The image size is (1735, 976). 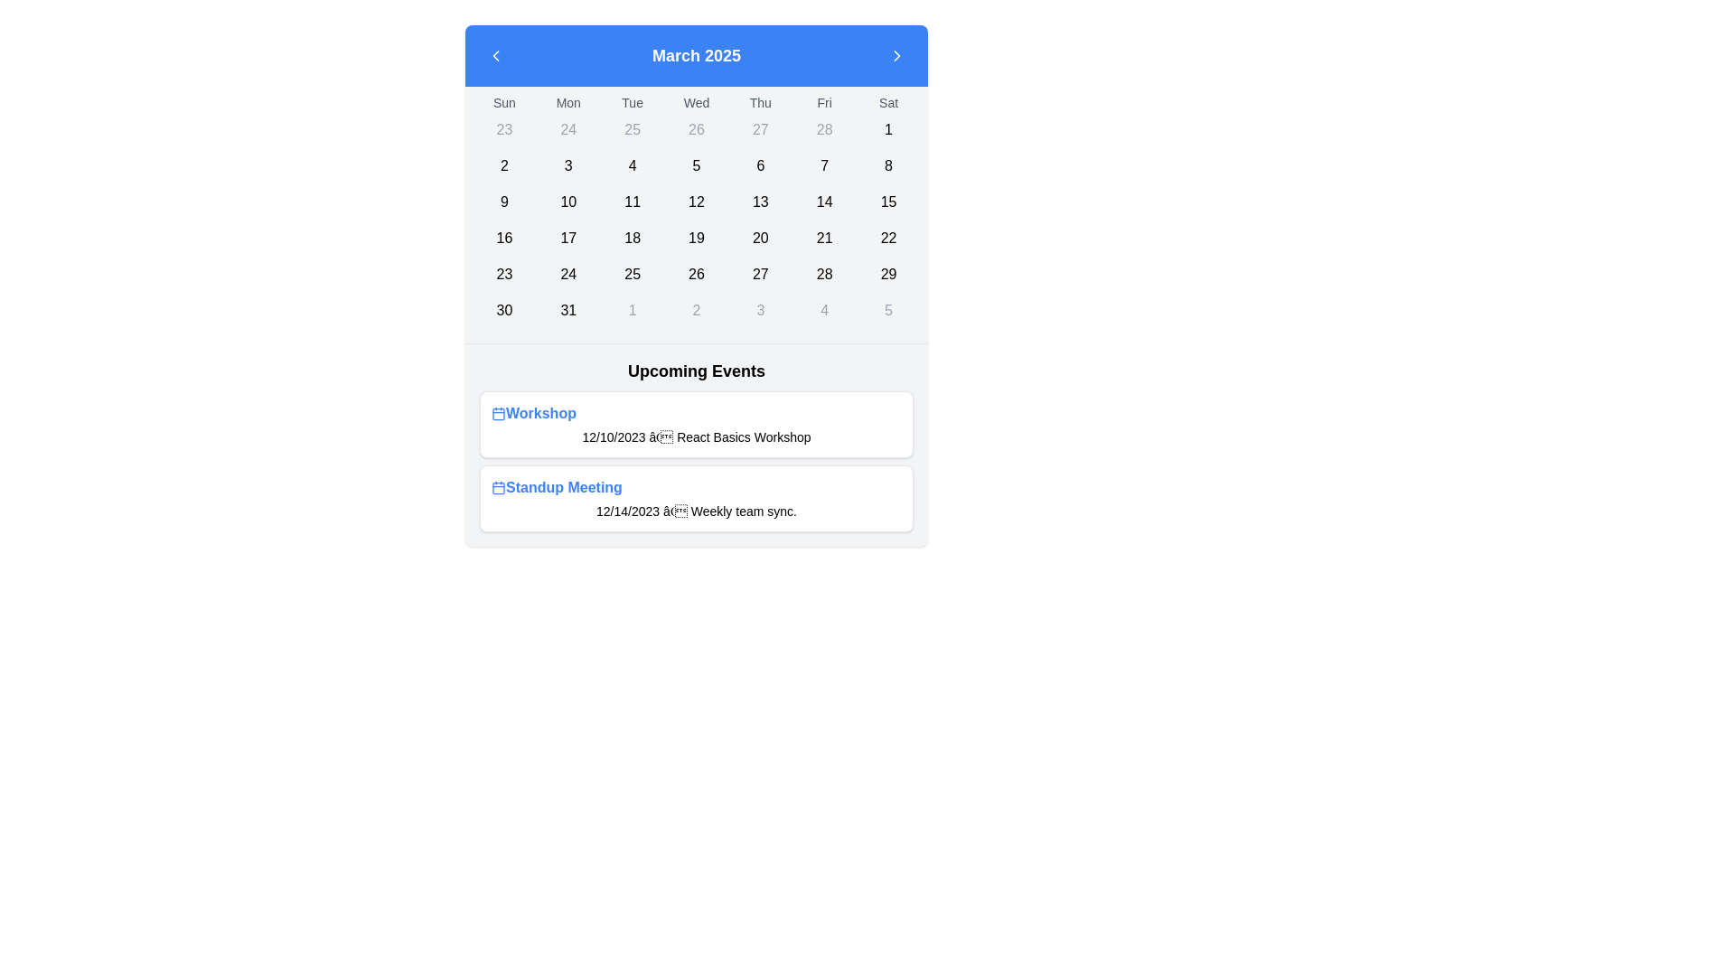 I want to click on the static text label for Monday in the calendar display, which is positioned in the grid immediately following 'Sun' and before 'Tue', so click(x=567, y=103).